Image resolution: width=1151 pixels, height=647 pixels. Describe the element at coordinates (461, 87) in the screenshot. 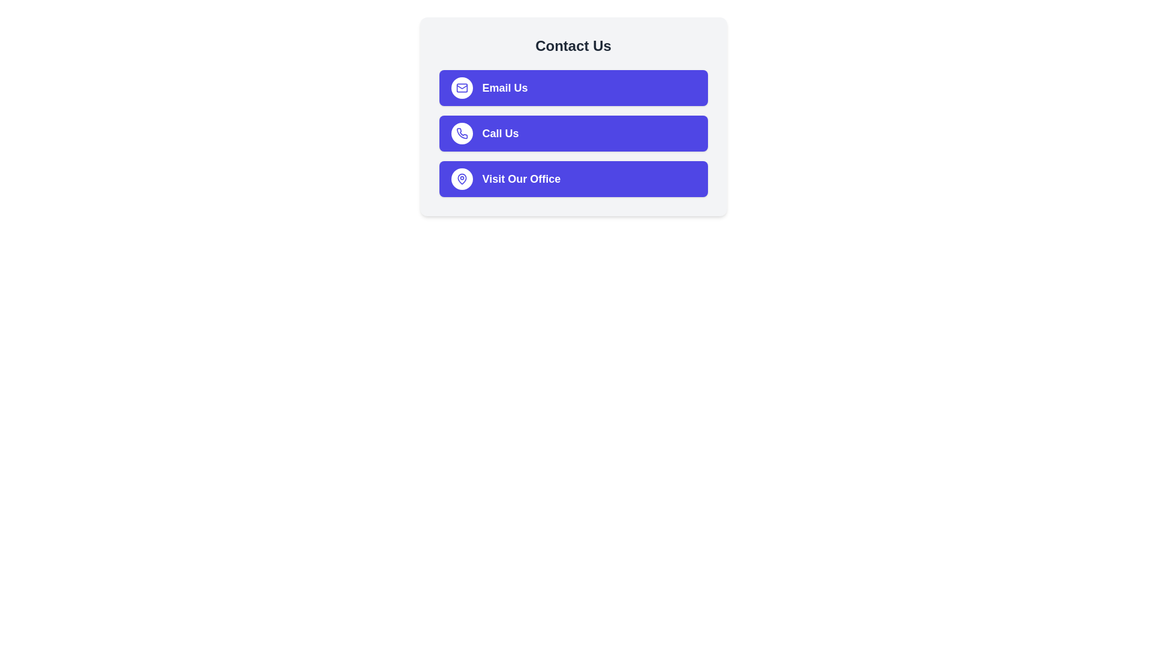

I see `the SVG Rectangle that represents the 'Email Us' mail icon in the contact menu` at that location.